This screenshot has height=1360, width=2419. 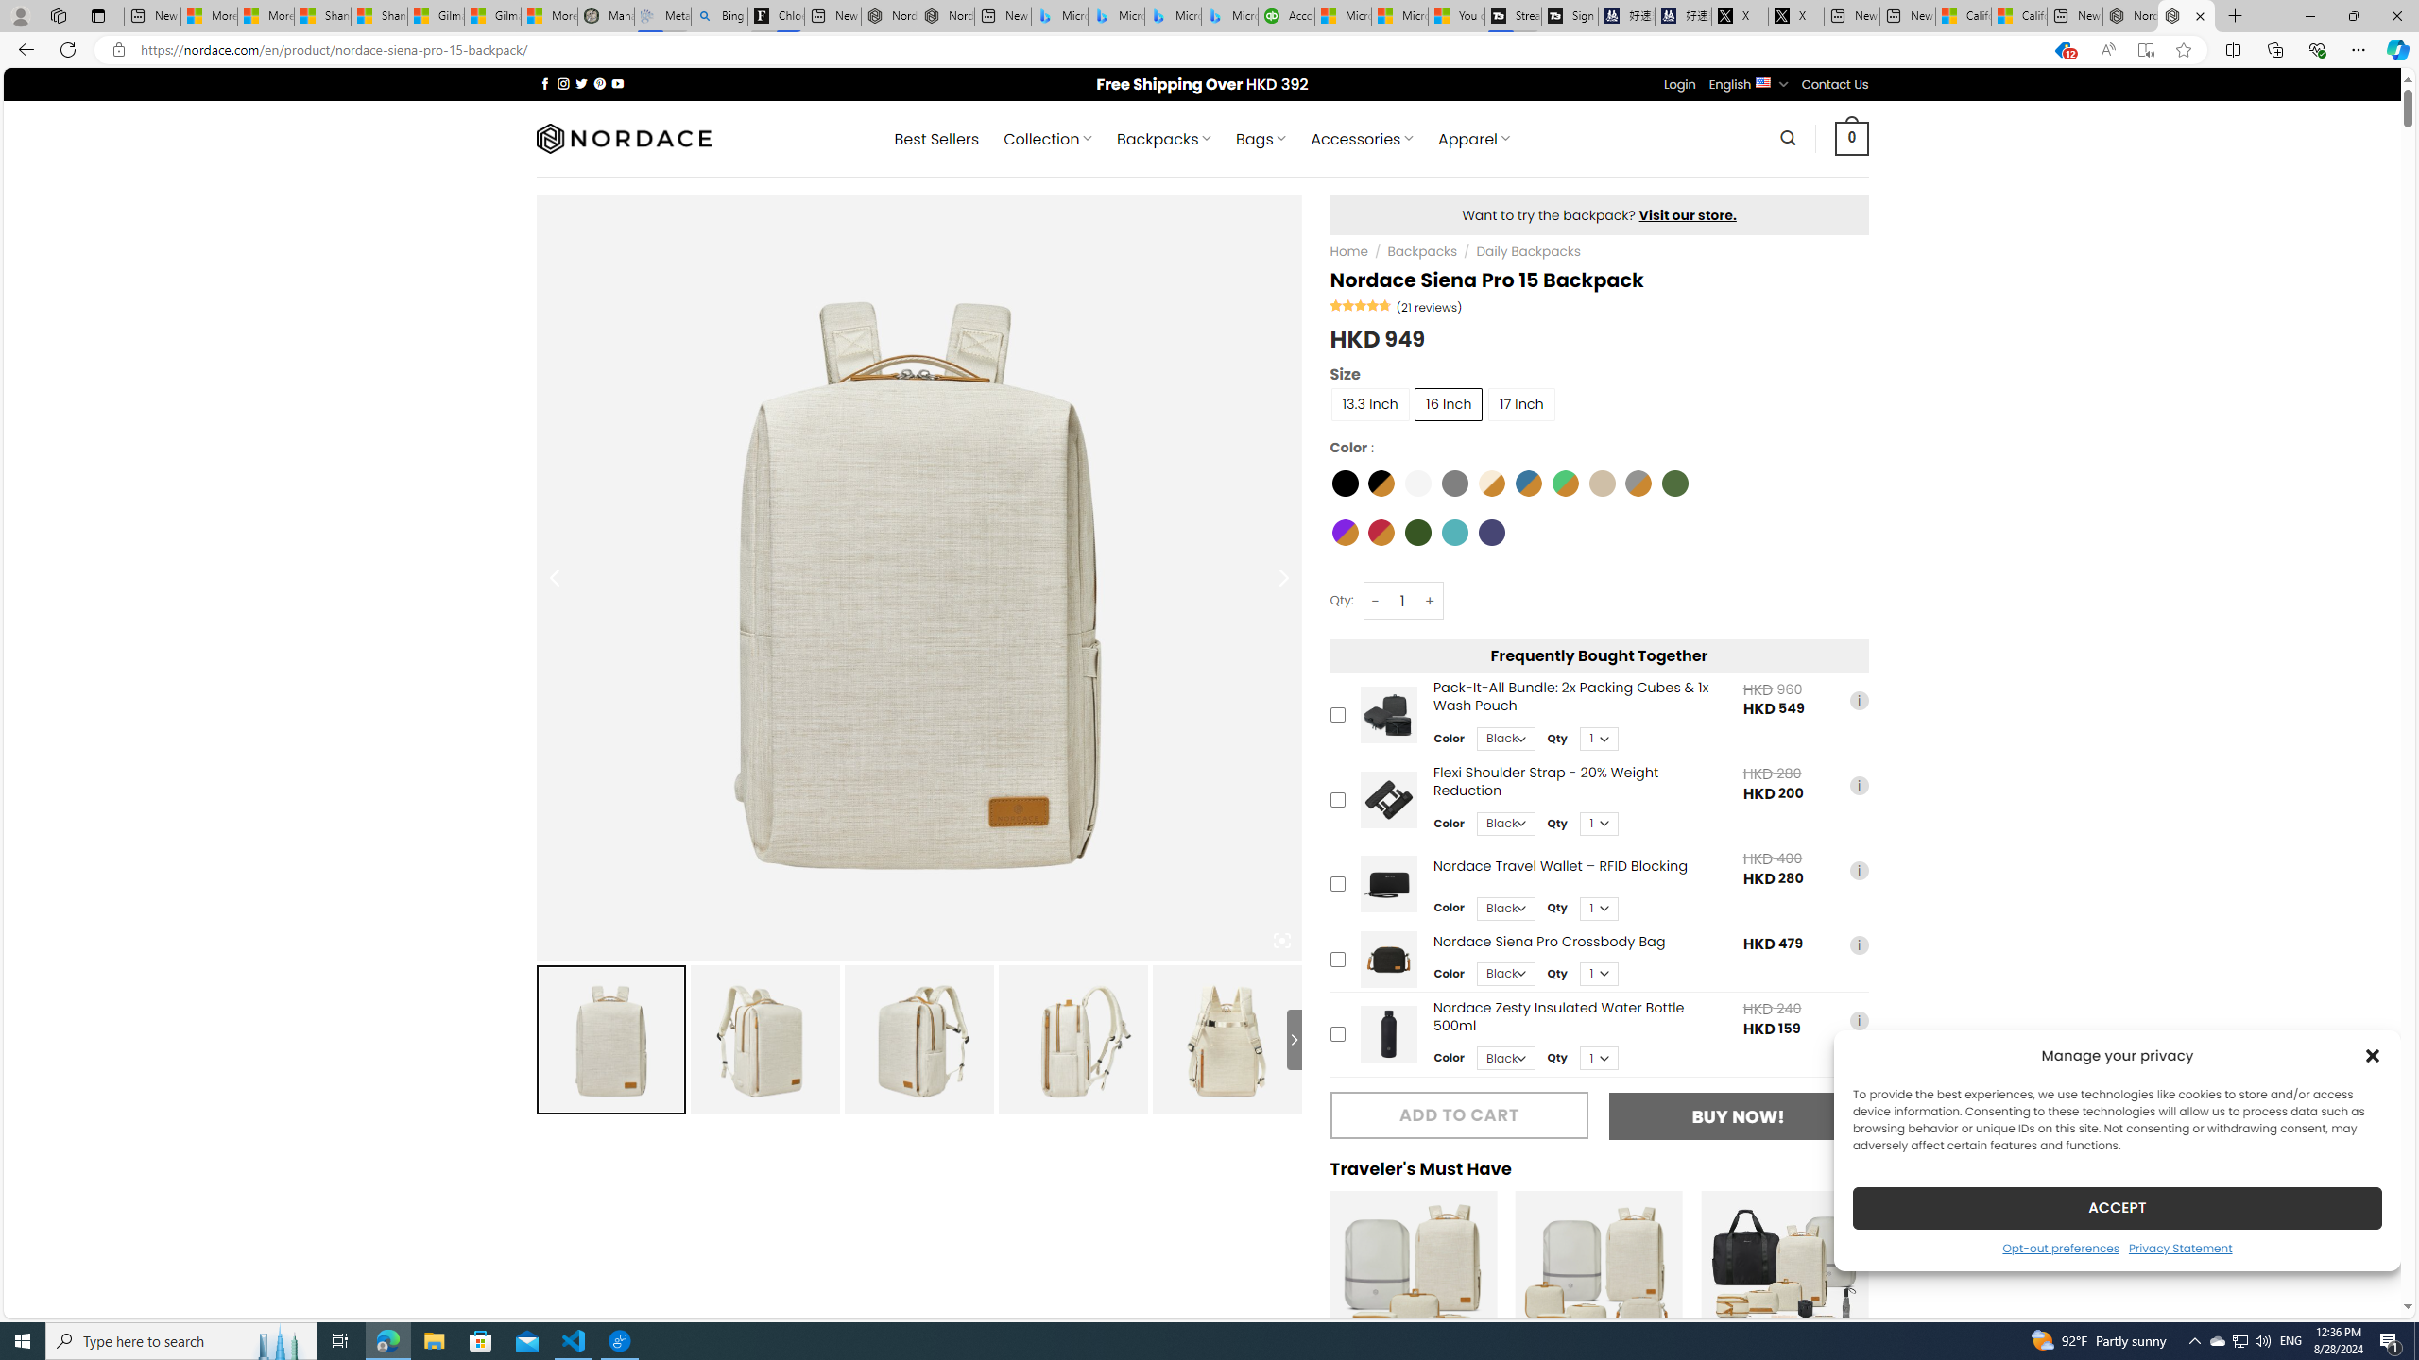 I want to click on 'Backpacks', so click(x=1421, y=250).